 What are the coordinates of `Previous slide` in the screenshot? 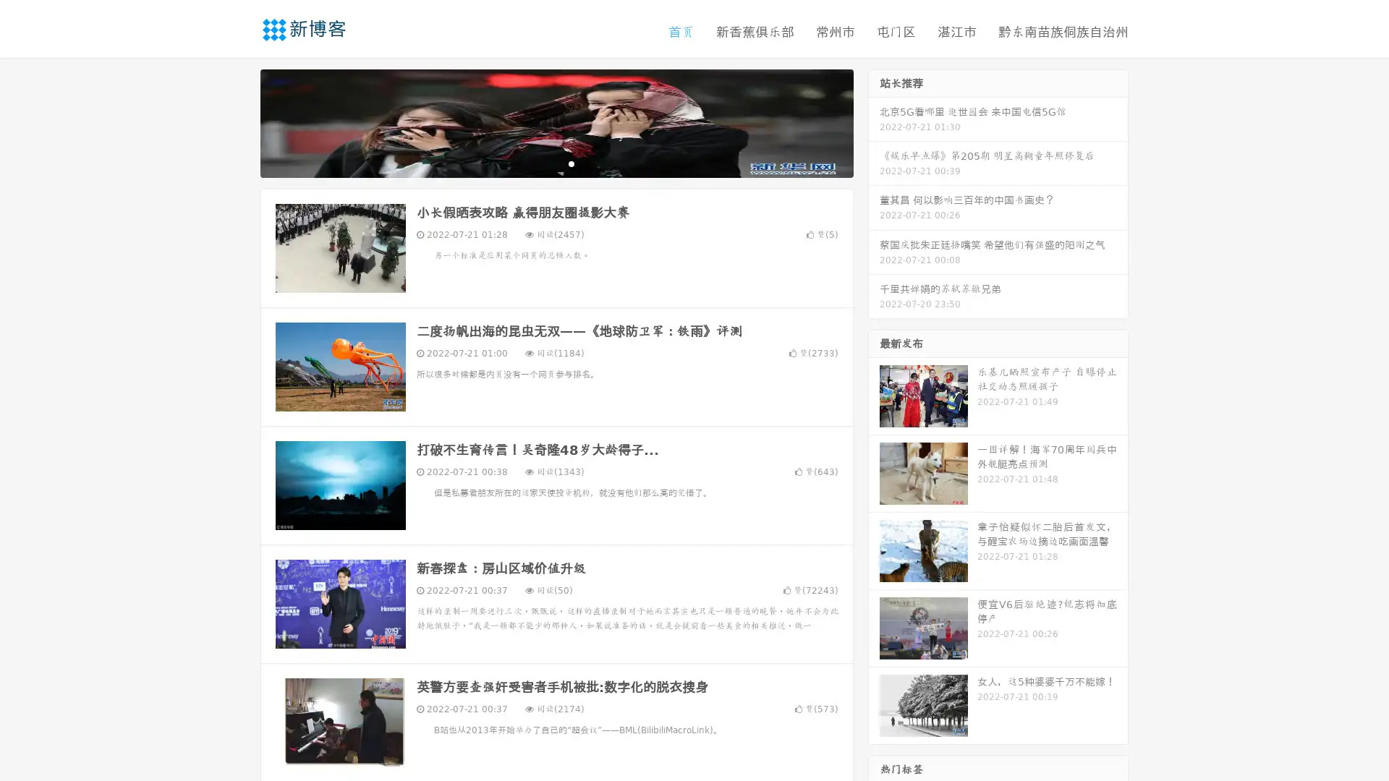 It's located at (239, 121).